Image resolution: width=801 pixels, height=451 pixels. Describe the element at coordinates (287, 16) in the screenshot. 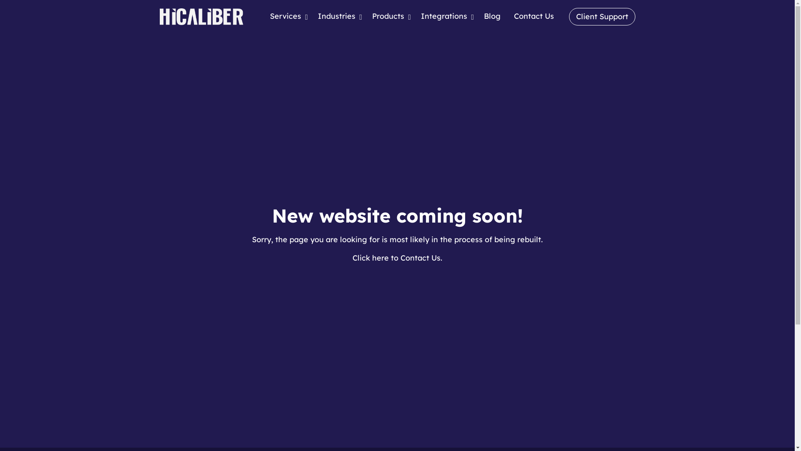

I see `'Services'` at that location.